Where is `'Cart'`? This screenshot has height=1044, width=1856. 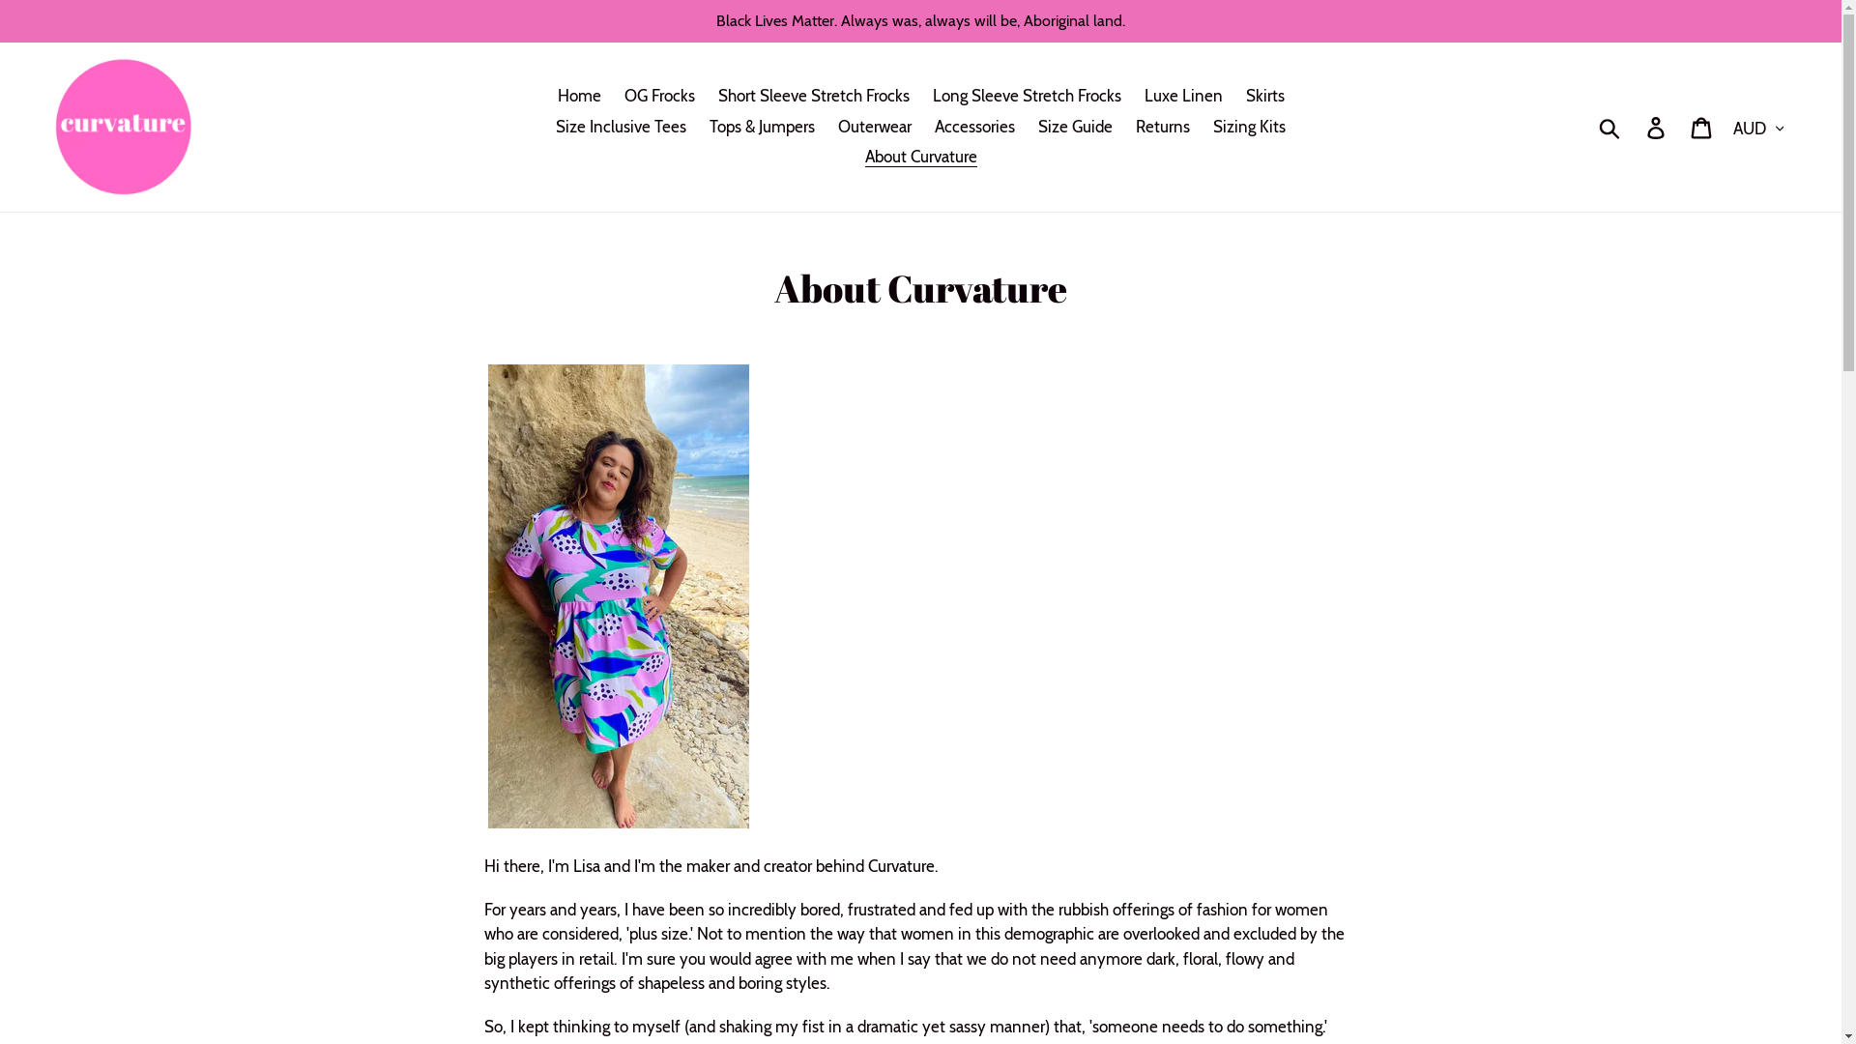
'Cart' is located at coordinates (1702, 127).